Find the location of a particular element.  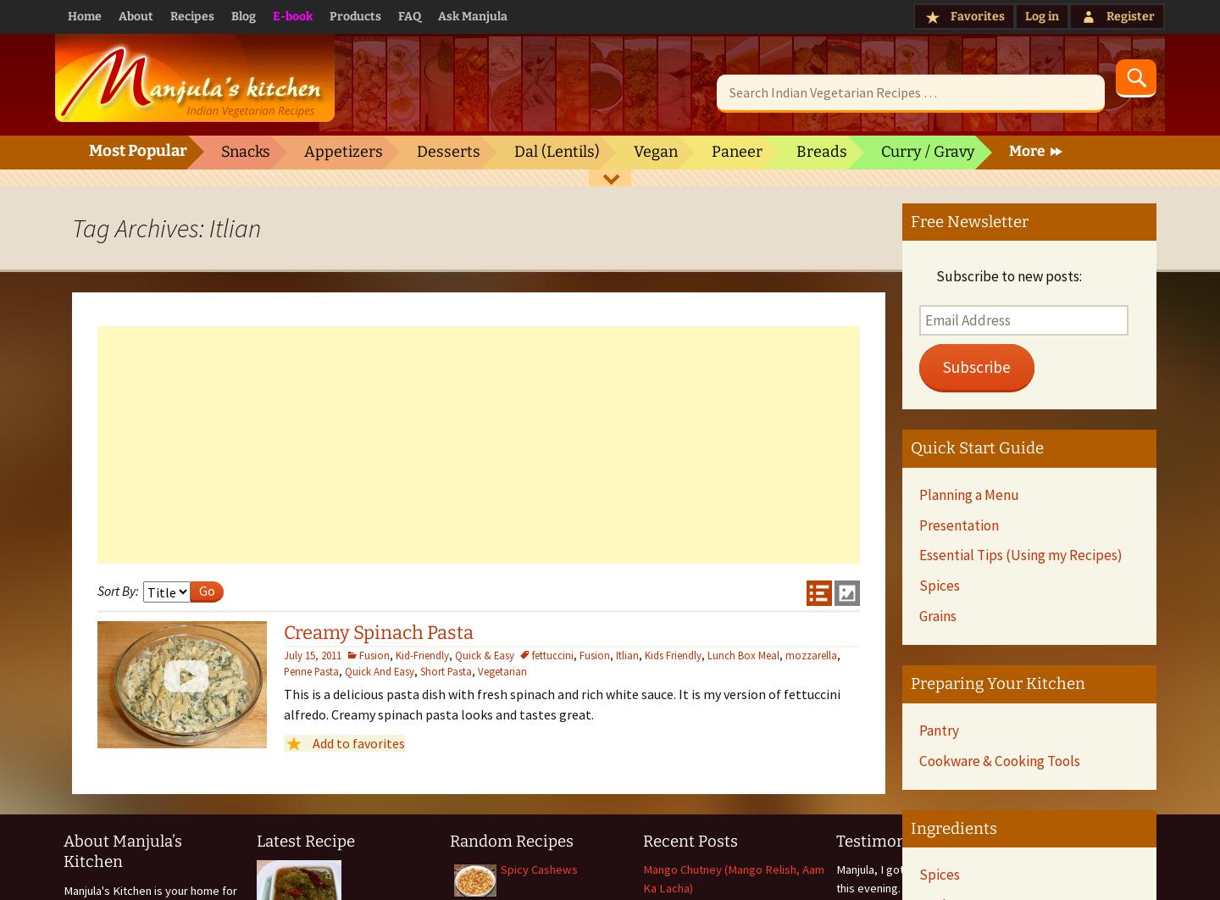

'E-book' is located at coordinates (292, 16).